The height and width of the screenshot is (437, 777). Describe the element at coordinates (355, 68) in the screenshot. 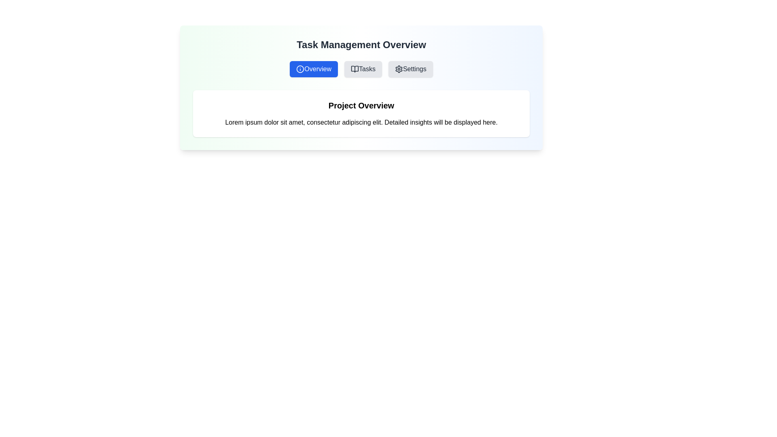

I see `the 'Tasks' icon located within the navigation bar, which is the left-most visual element preceding the text 'Tasks'` at that location.